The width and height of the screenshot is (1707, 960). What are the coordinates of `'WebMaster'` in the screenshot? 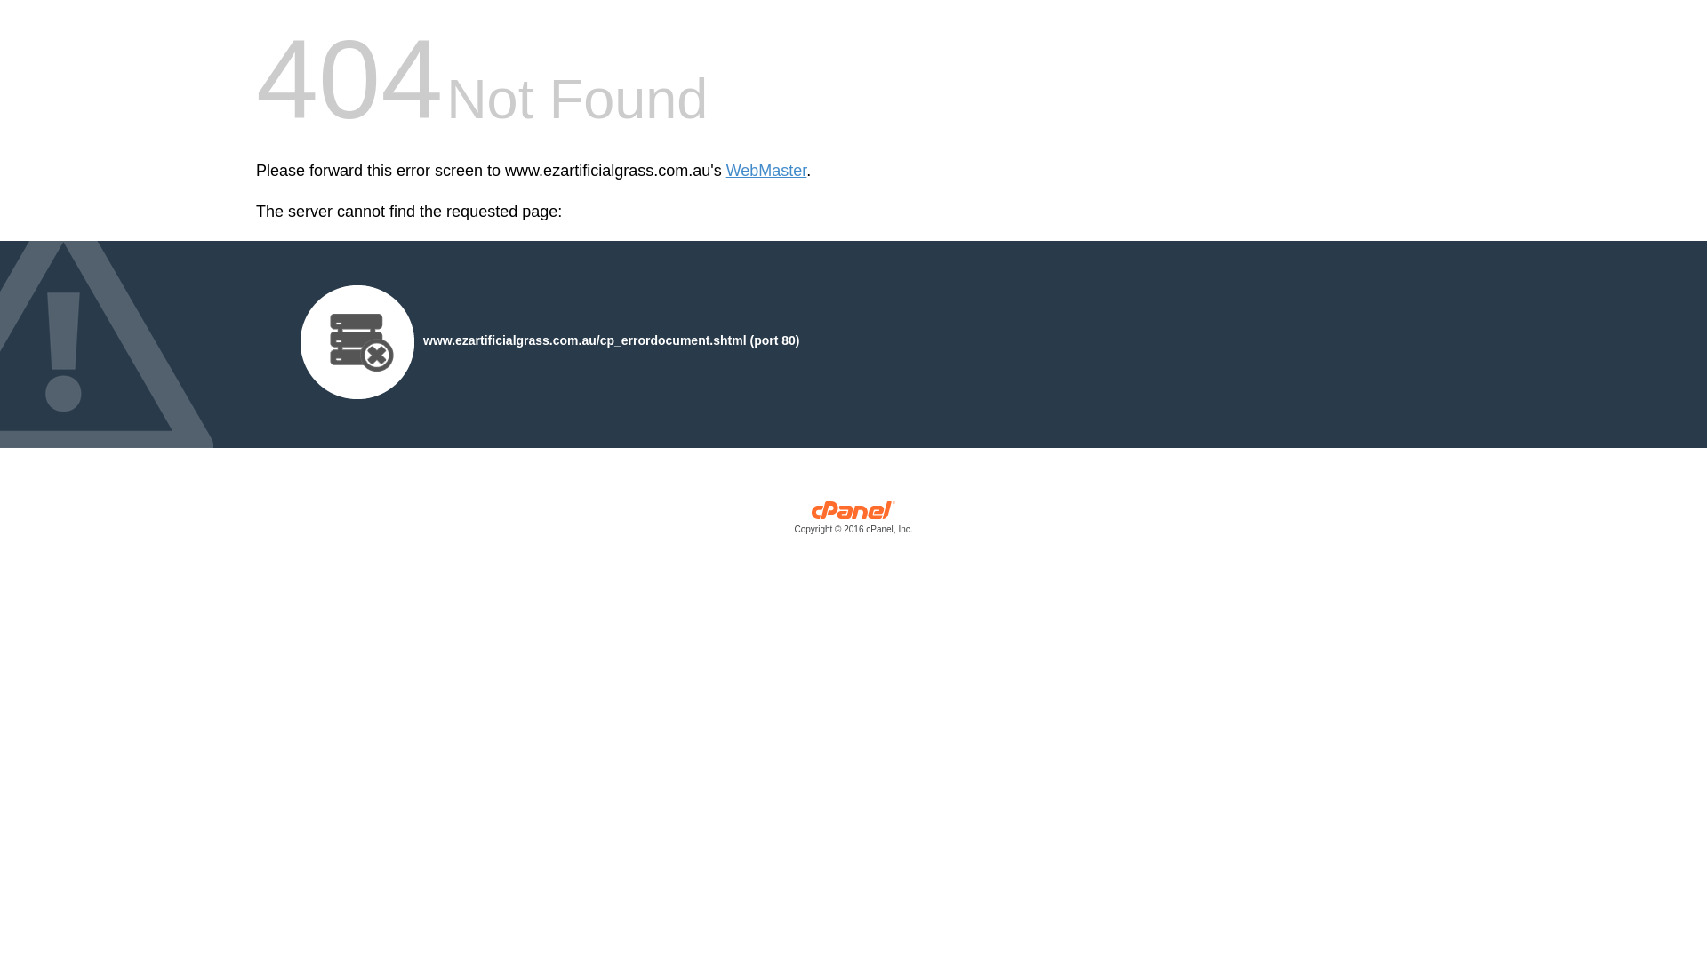 It's located at (766, 171).